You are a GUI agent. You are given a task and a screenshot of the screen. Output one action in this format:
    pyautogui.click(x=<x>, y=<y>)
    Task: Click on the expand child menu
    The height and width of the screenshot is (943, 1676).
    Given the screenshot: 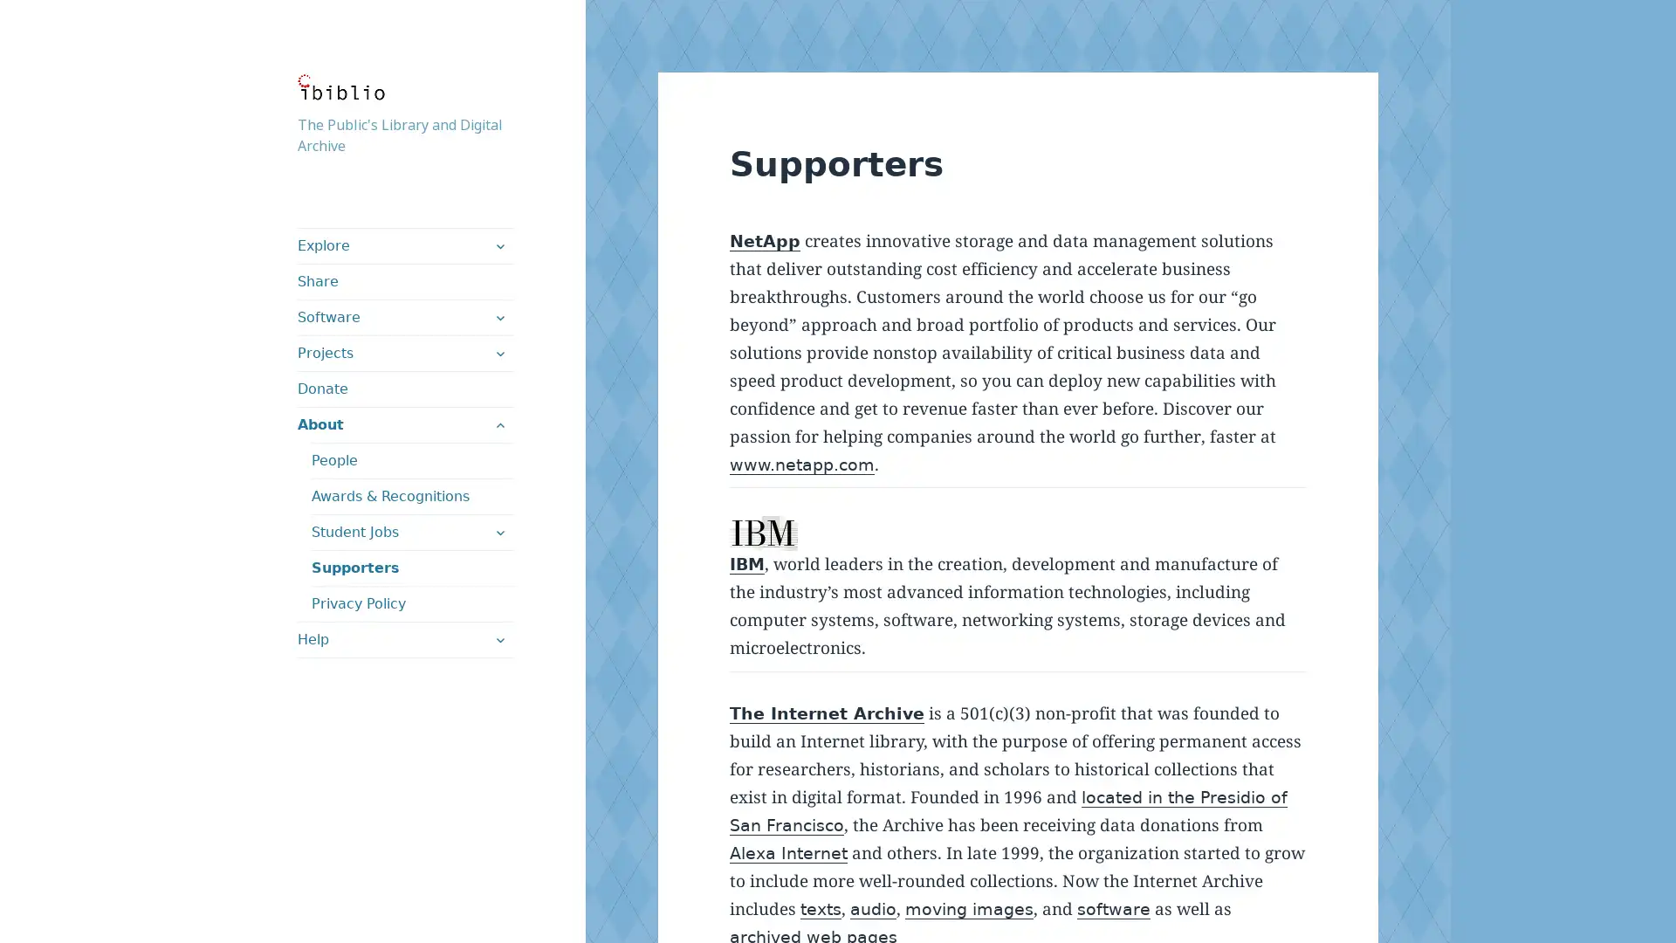 What is the action you would take?
    pyautogui.click(x=498, y=245)
    